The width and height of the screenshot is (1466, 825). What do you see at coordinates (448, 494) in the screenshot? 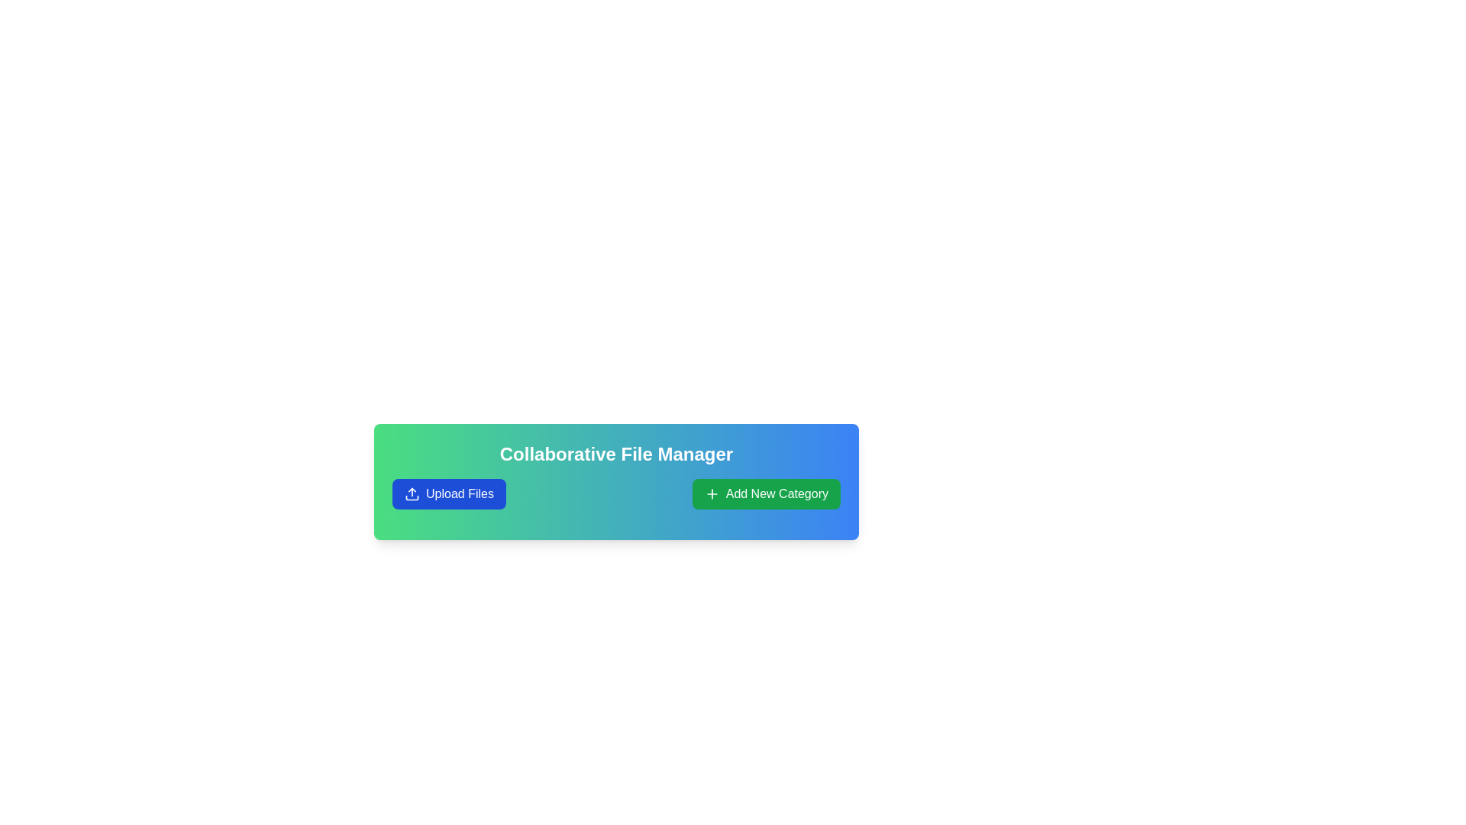
I see `the blue 'Upload Files' button with an upload icon to initiate file upload` at bounding box center [448, 494].